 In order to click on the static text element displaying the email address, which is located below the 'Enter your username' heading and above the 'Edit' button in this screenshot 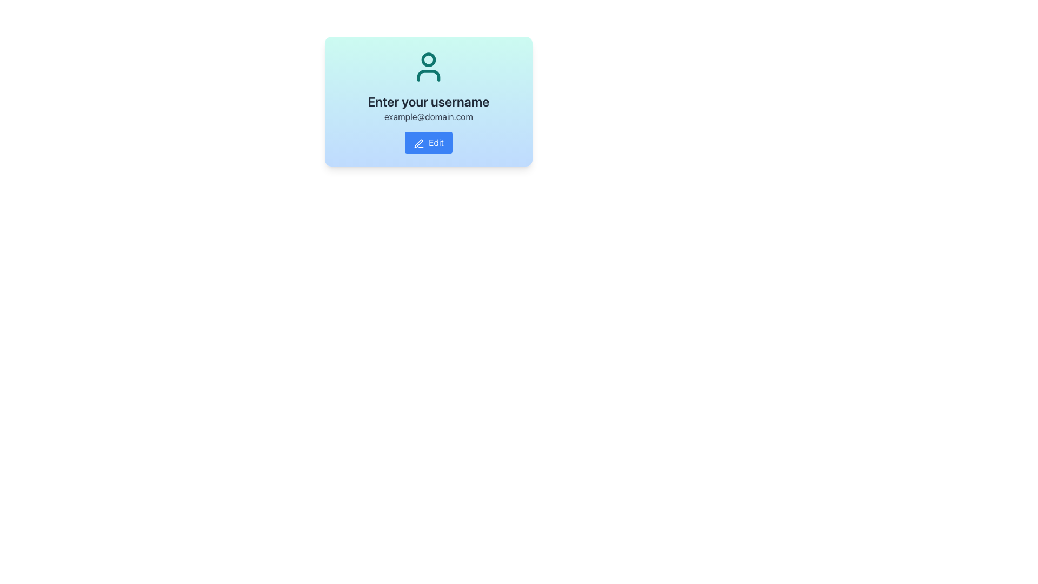, I will do `click(428, 117)`.